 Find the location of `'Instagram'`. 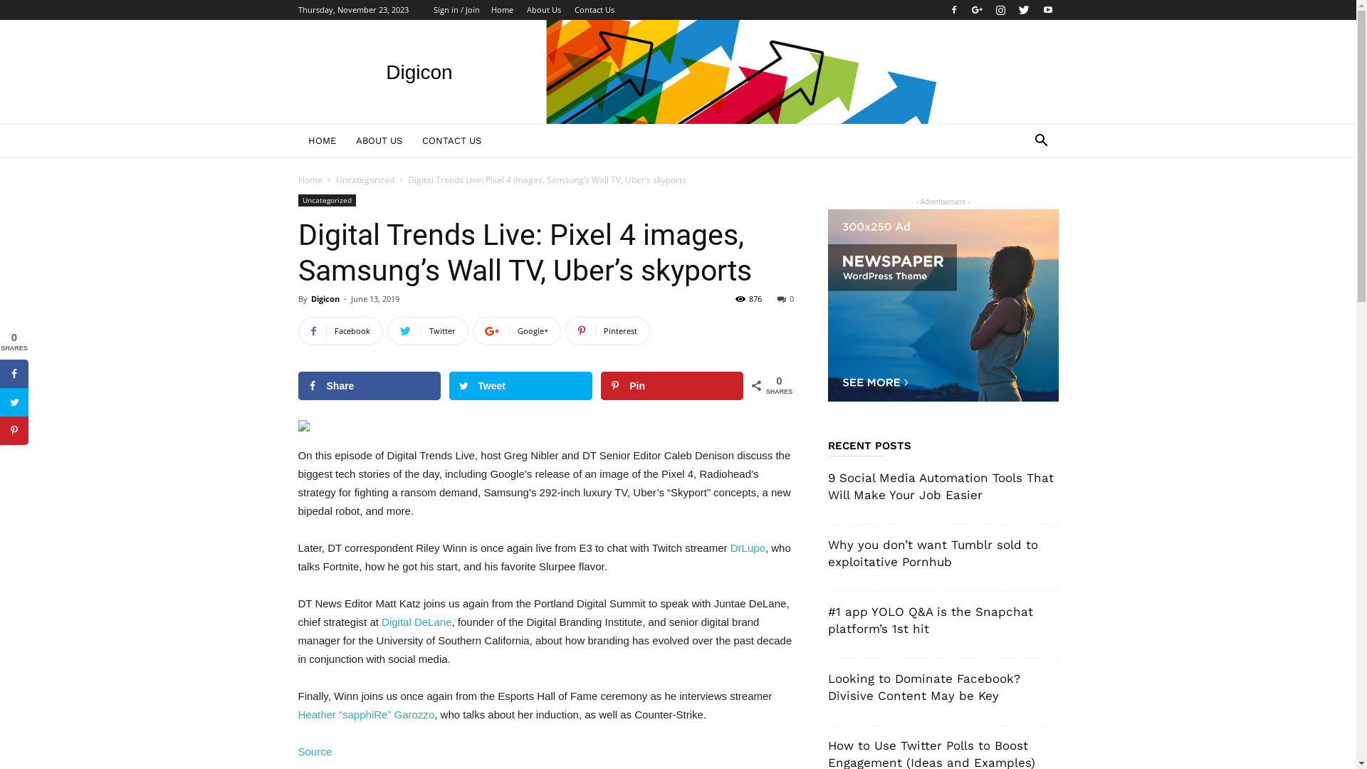

'Instagram' is located at coordinates (1000, 10).